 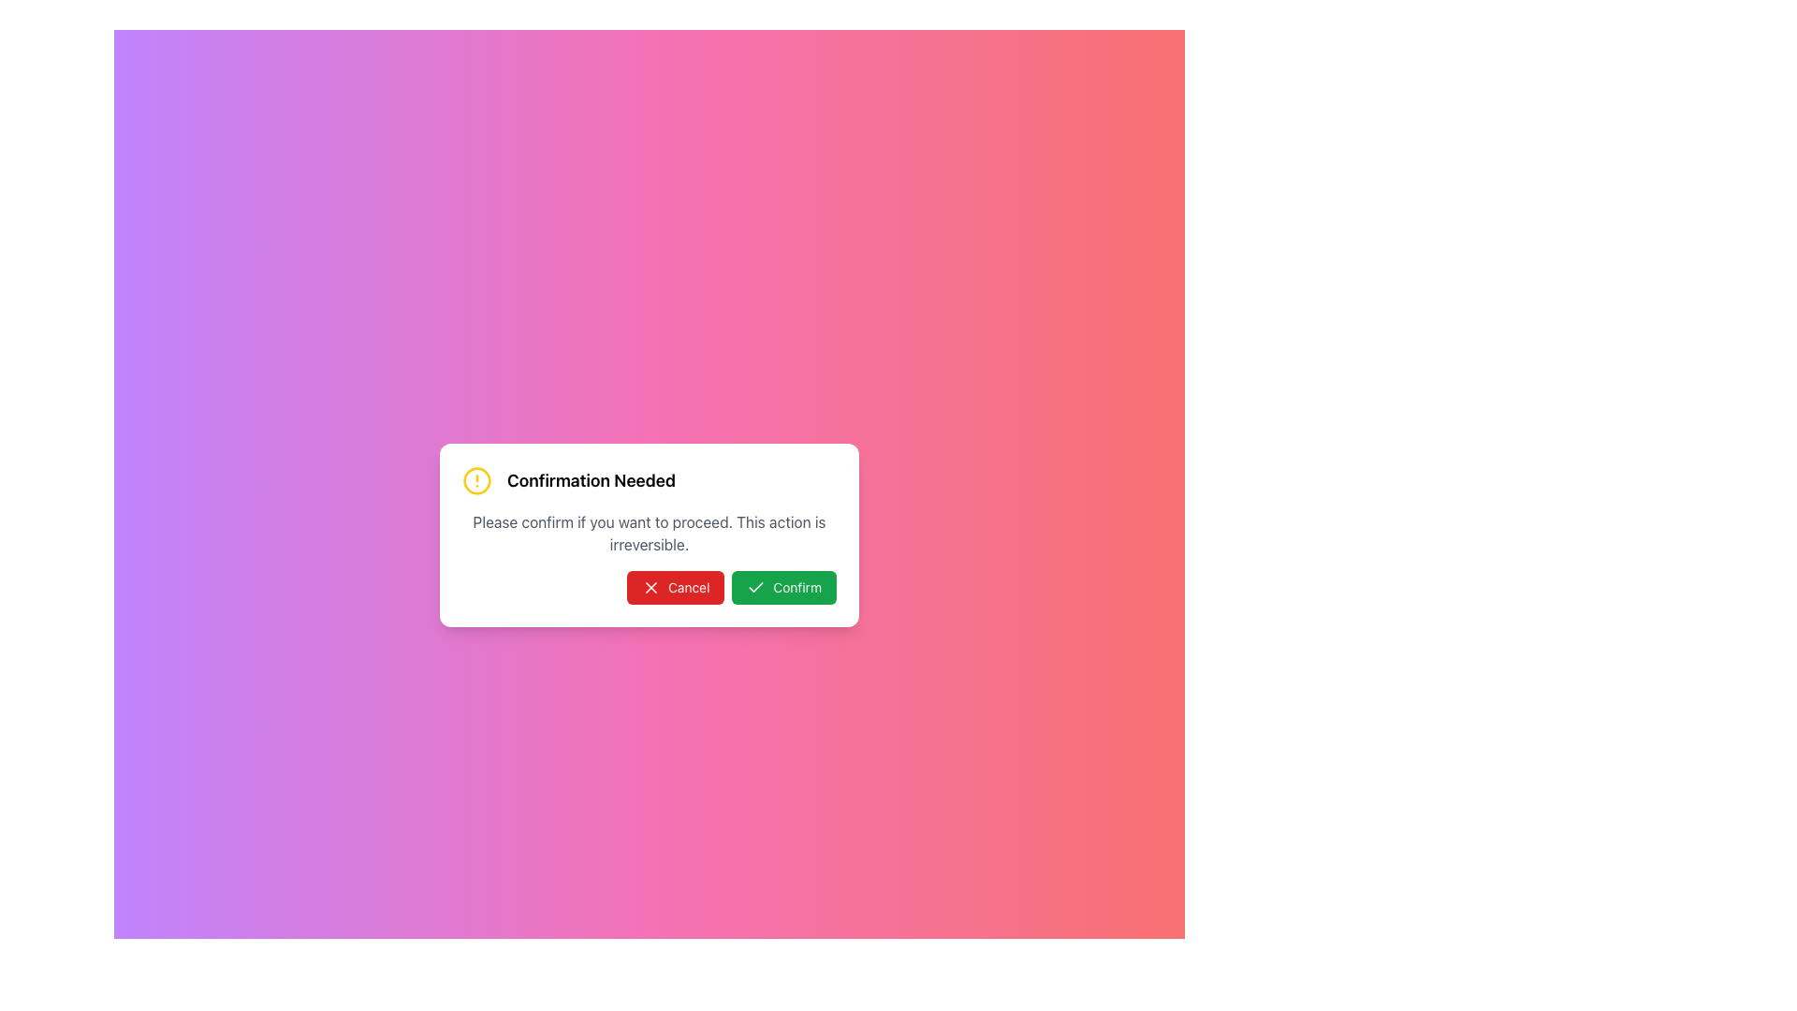 What do you see at coordinates (476, 479) in the screenshot?
I see `the inner circle of the warning icon located at the top-left of the confirmation dialog` at bounding box center [476, 479].